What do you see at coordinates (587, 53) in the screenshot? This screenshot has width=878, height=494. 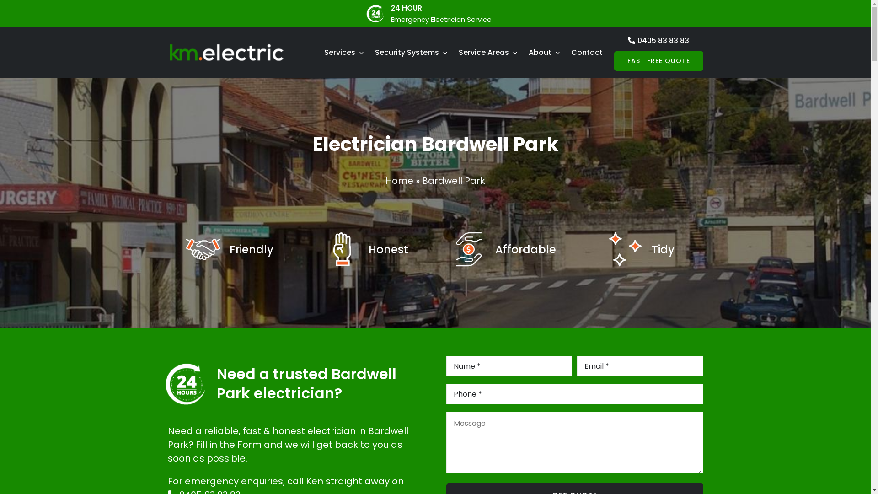 I see `'Contact'` at bounding box center [587, 53].